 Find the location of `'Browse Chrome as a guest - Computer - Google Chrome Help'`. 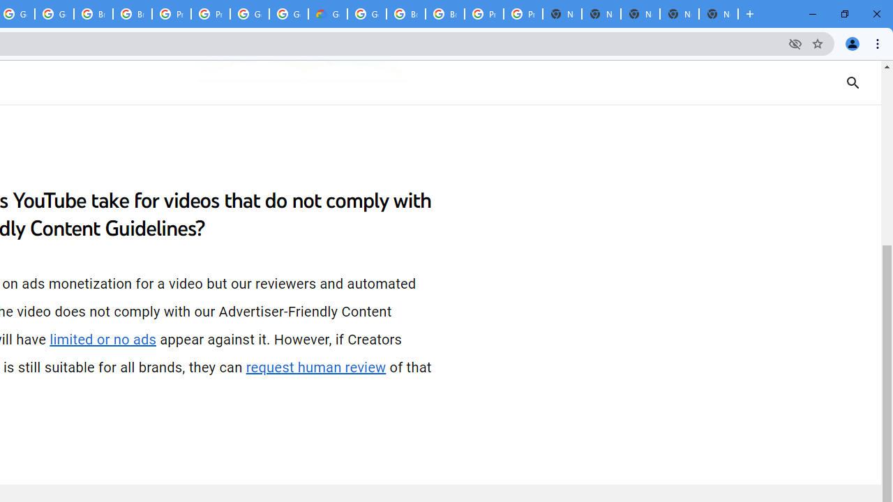

'Browse Chrome as a guest - Computer - Google Chrome Help' is located at coordinates (405, 14).